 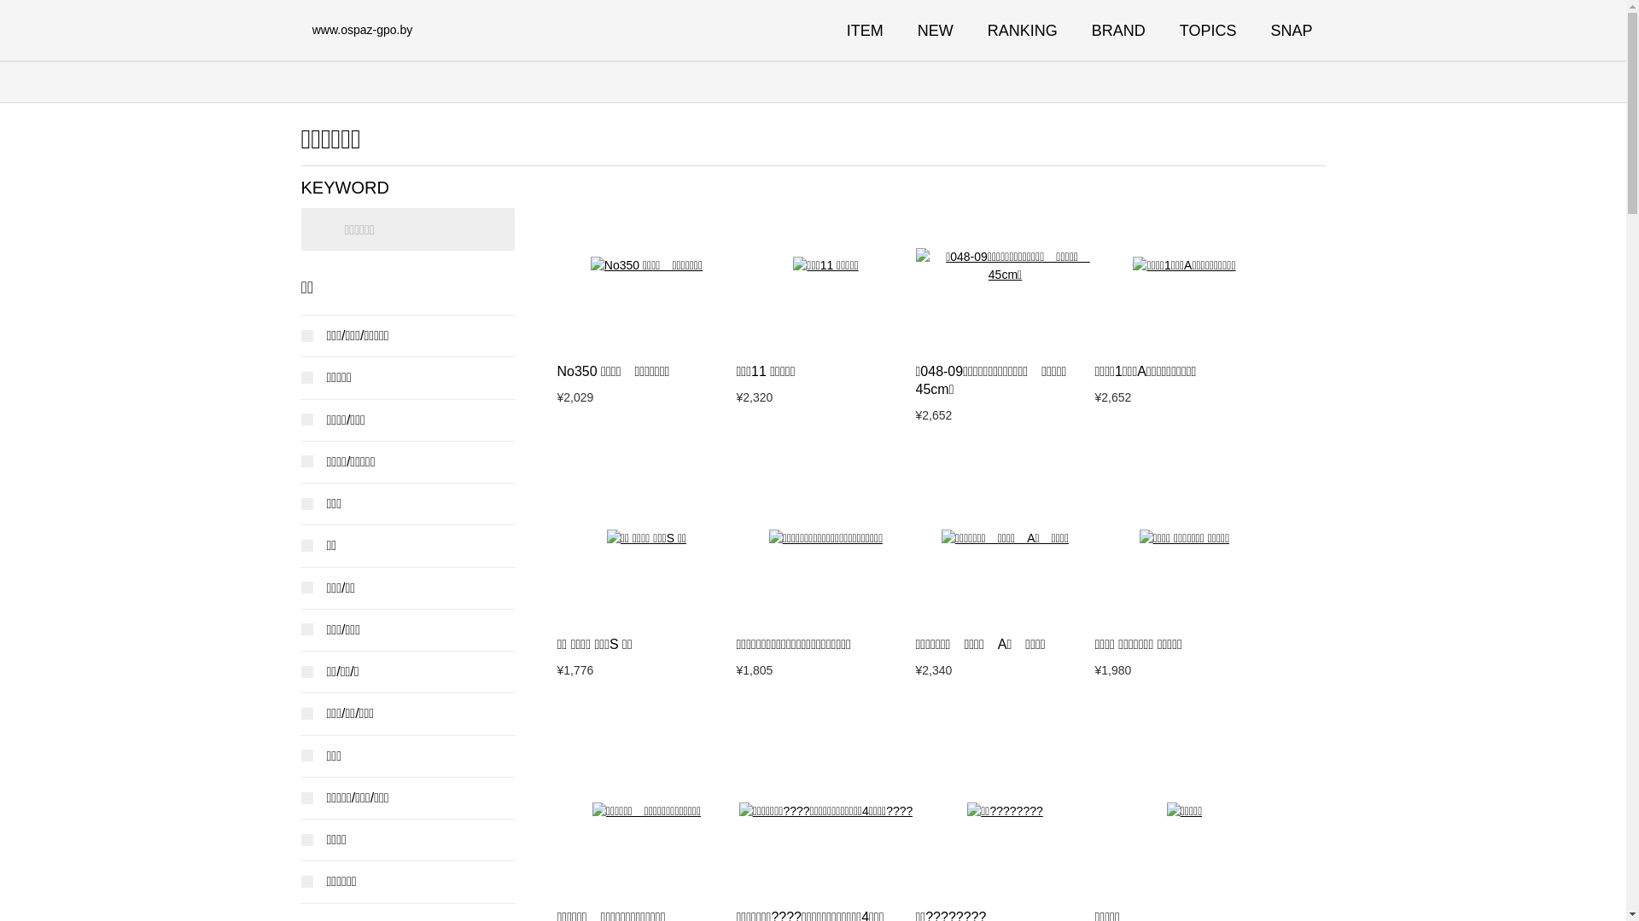 What do you see at coordinates (1023, 30) in the screenshot?
I see `'RANKING'` at bounding box center [1023, 30].